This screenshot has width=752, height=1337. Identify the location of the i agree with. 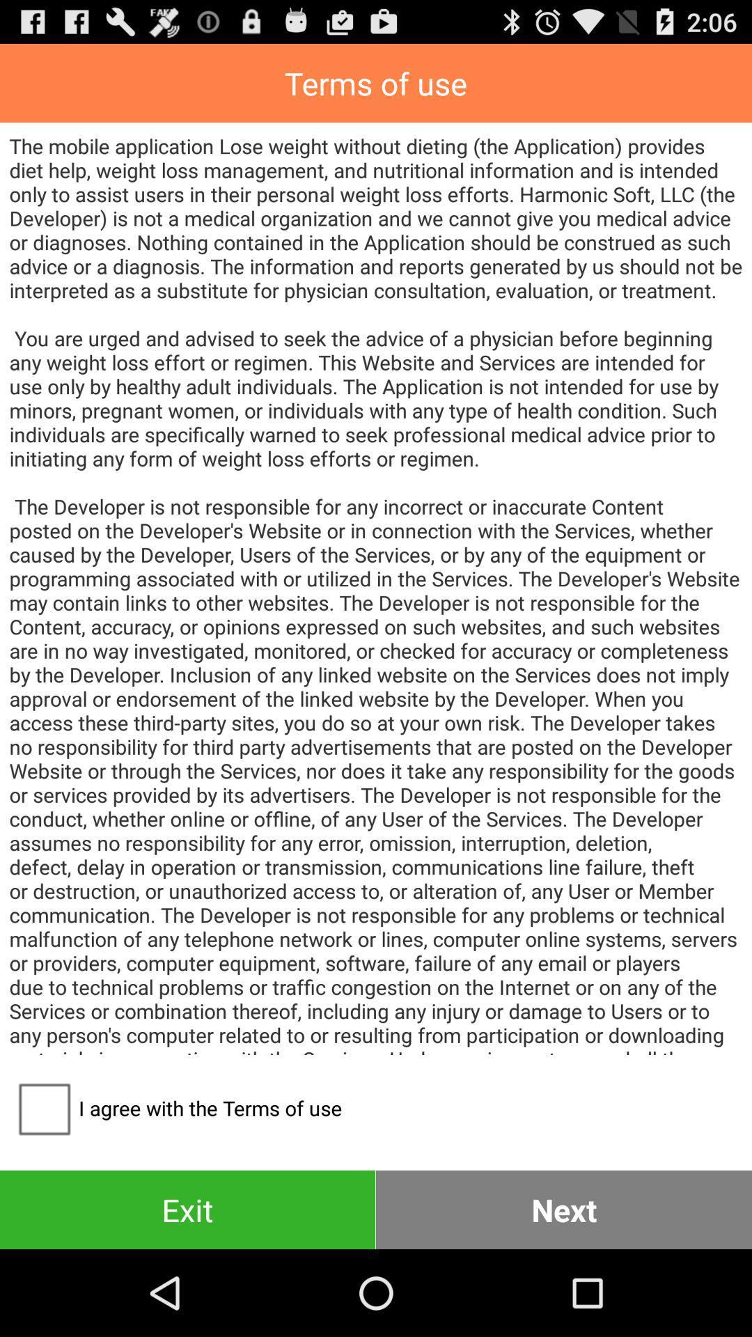
(175, 1107).